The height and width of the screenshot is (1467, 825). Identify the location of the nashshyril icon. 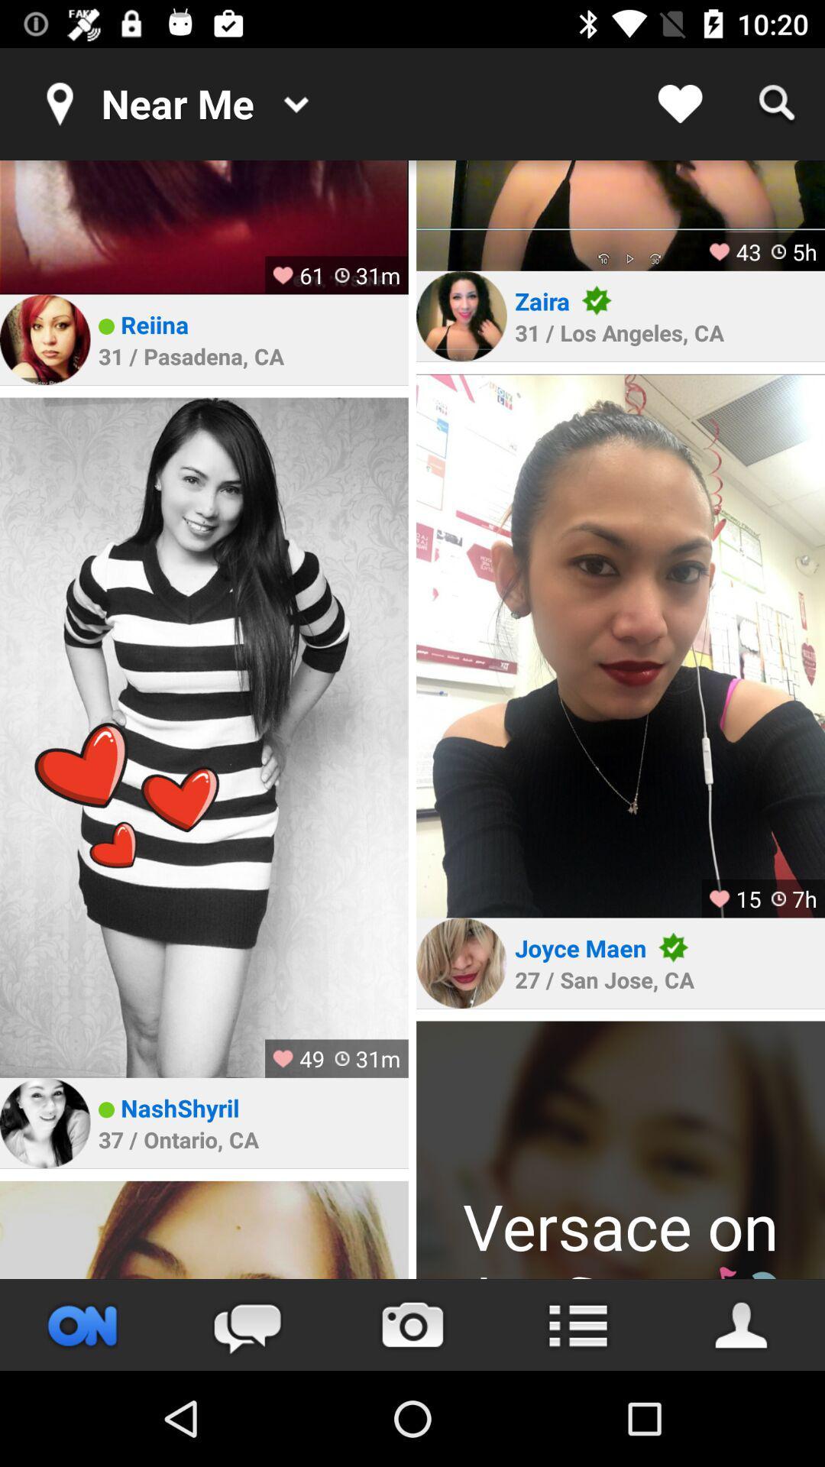
(179, 1108).